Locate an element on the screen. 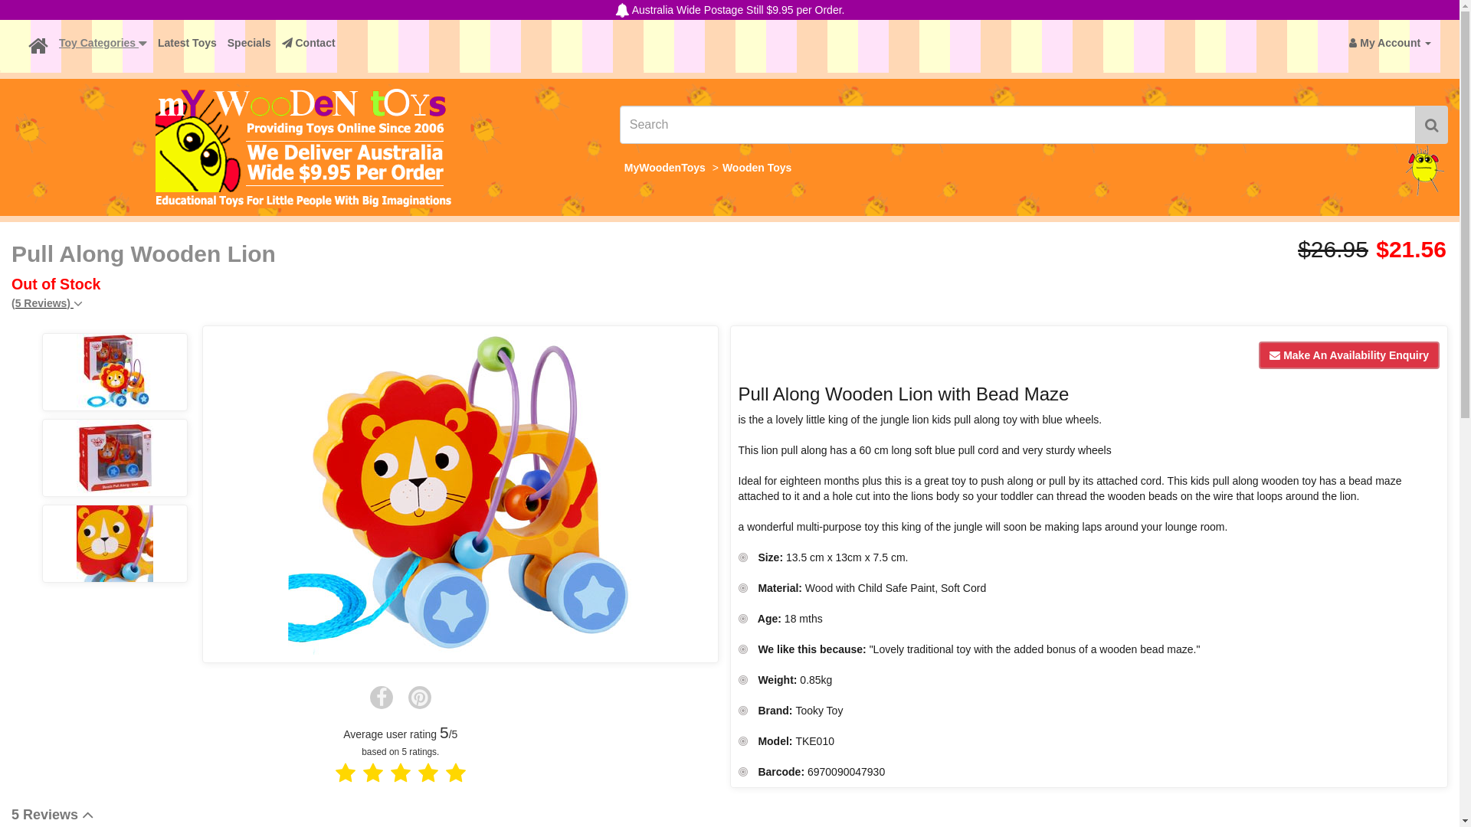 This screenshot has width=1471, height=827. 'Specials' is located at coordinates (221, 42).